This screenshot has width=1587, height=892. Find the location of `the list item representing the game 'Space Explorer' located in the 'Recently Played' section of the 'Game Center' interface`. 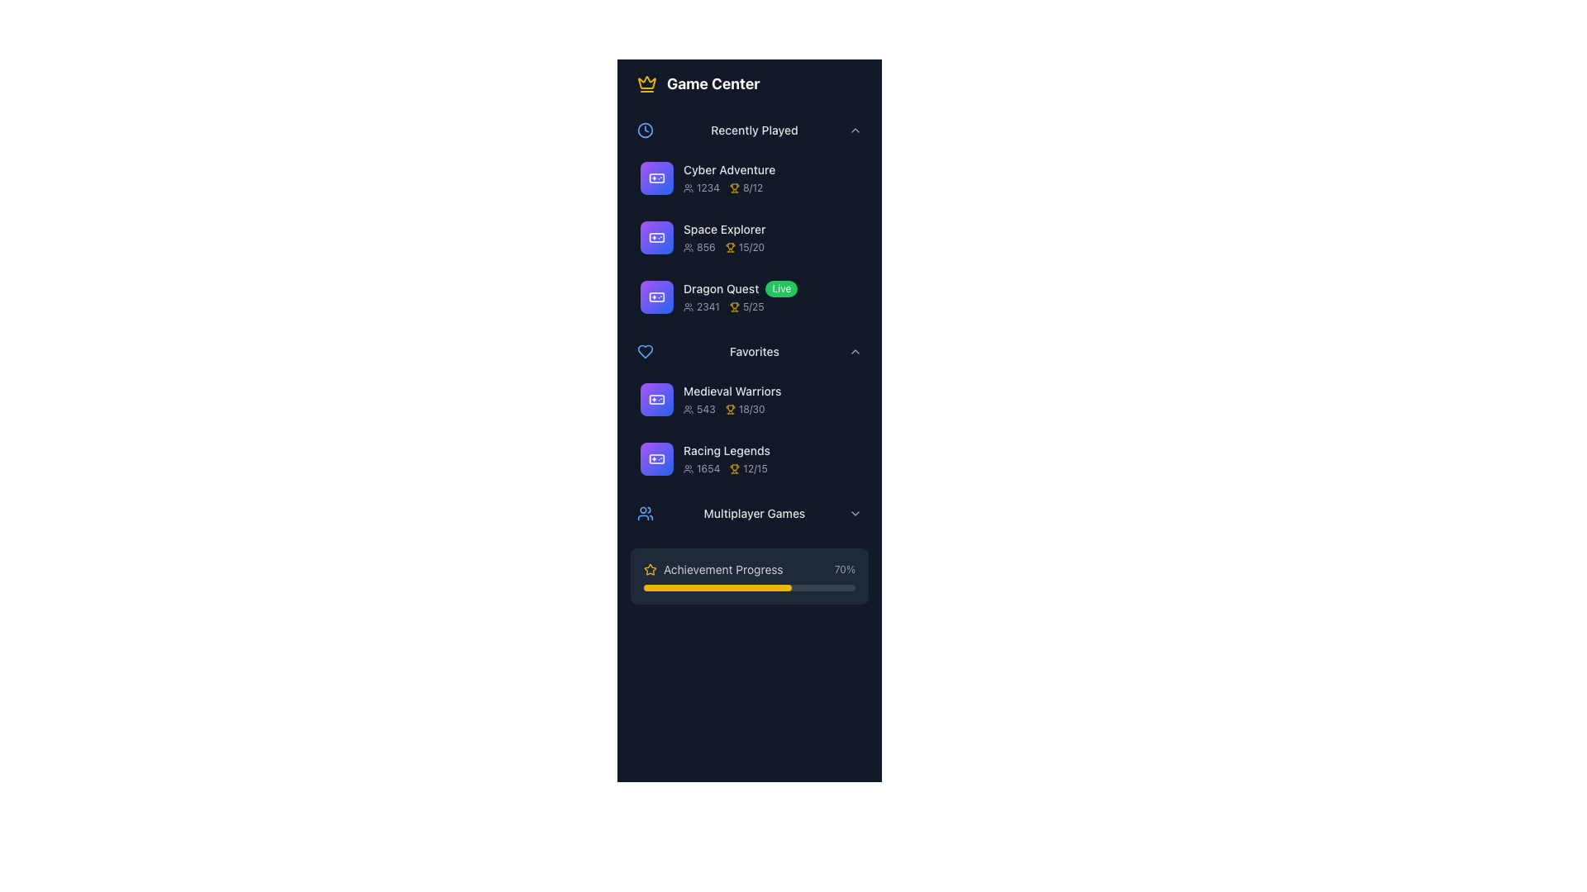

the list item representing the game 'Space Explorer' located in the 'Recently Played' section of the 'Game Center' interface is located at coordinates (770, 238).